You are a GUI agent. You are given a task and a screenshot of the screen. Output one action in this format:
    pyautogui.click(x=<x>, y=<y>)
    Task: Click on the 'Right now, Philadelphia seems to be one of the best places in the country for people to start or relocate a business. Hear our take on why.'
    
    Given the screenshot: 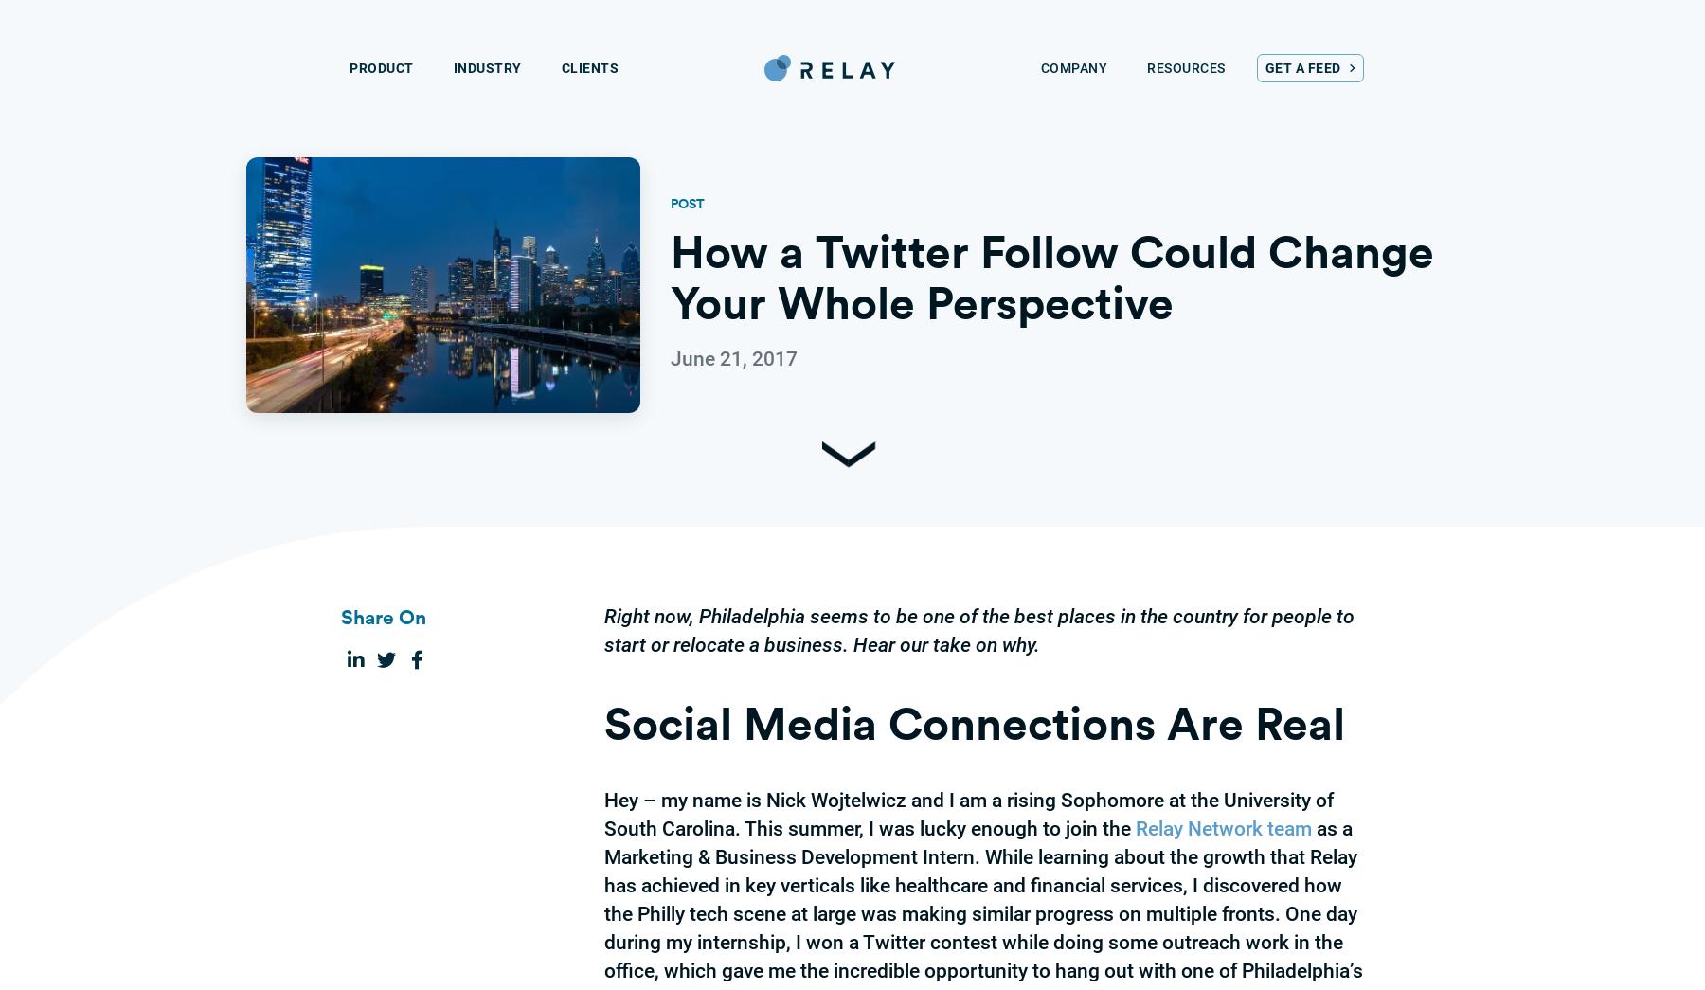 What is the action you would take?
    pyautogui.click(x=603, y=630)
    